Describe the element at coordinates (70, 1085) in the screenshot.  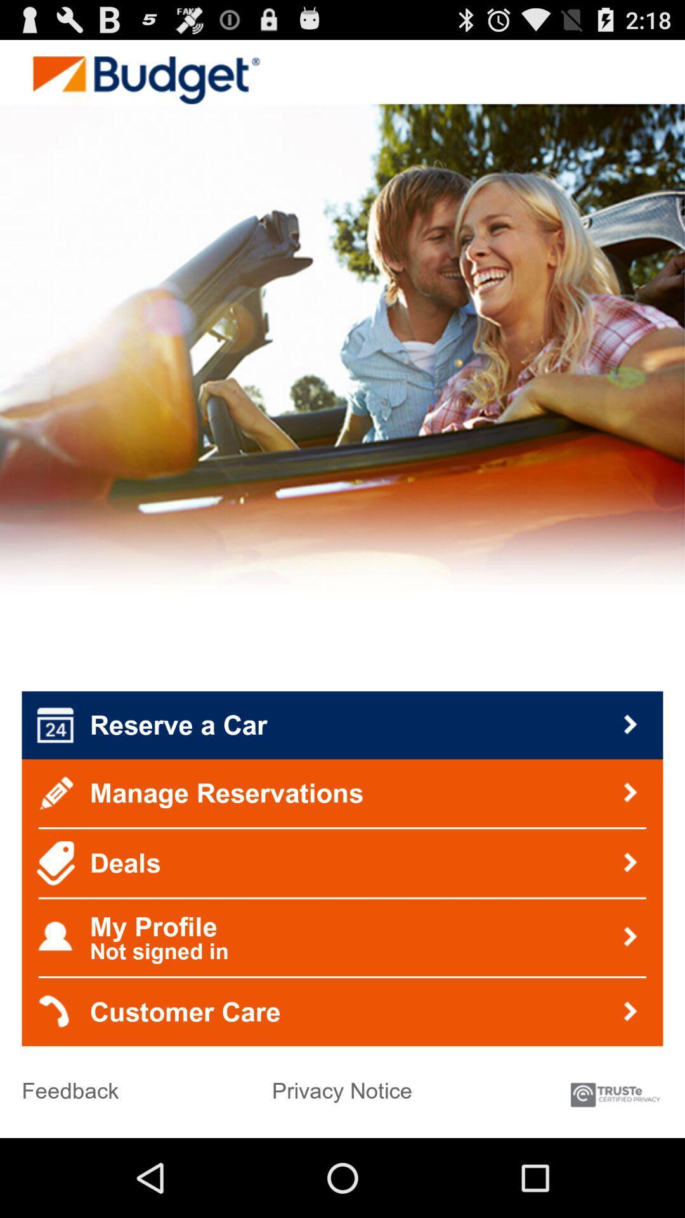
I see `icon to the left of the privacy notice icon` at that location.